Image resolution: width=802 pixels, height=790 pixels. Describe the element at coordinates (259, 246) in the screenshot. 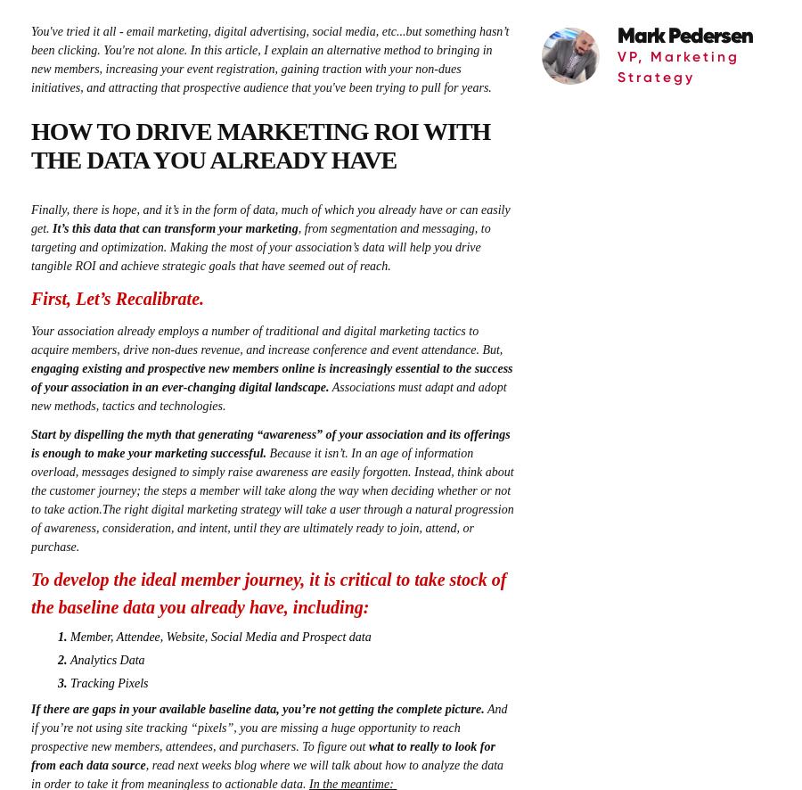

I see `', from segmentation and messaging, to targeting and optimization. Making the most of your association’s data will help you drive tangible ROI and achieve strategic goals that have seemed out of reach.'` at that location.